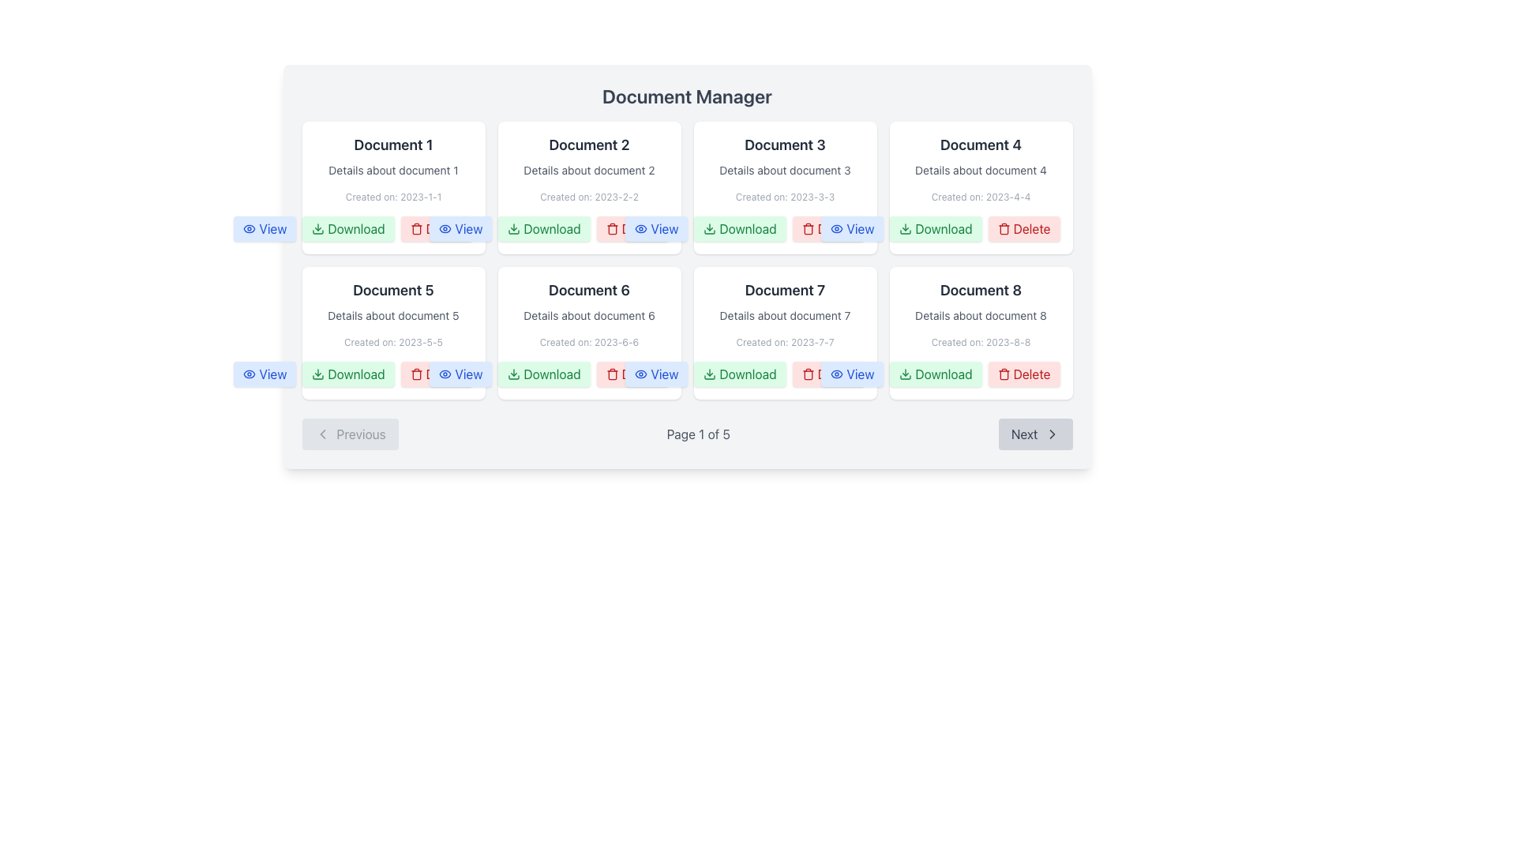 The image size is (1516, 853). Describe the element at coordinates (709, 374) in the screenshot. I see `the green downward arrow icon on the 'Download' button` at that location.